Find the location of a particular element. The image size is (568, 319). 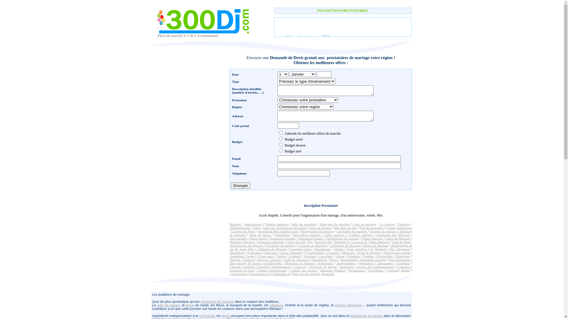

'Messe de Mariage' is located at coordinates (375, 245).